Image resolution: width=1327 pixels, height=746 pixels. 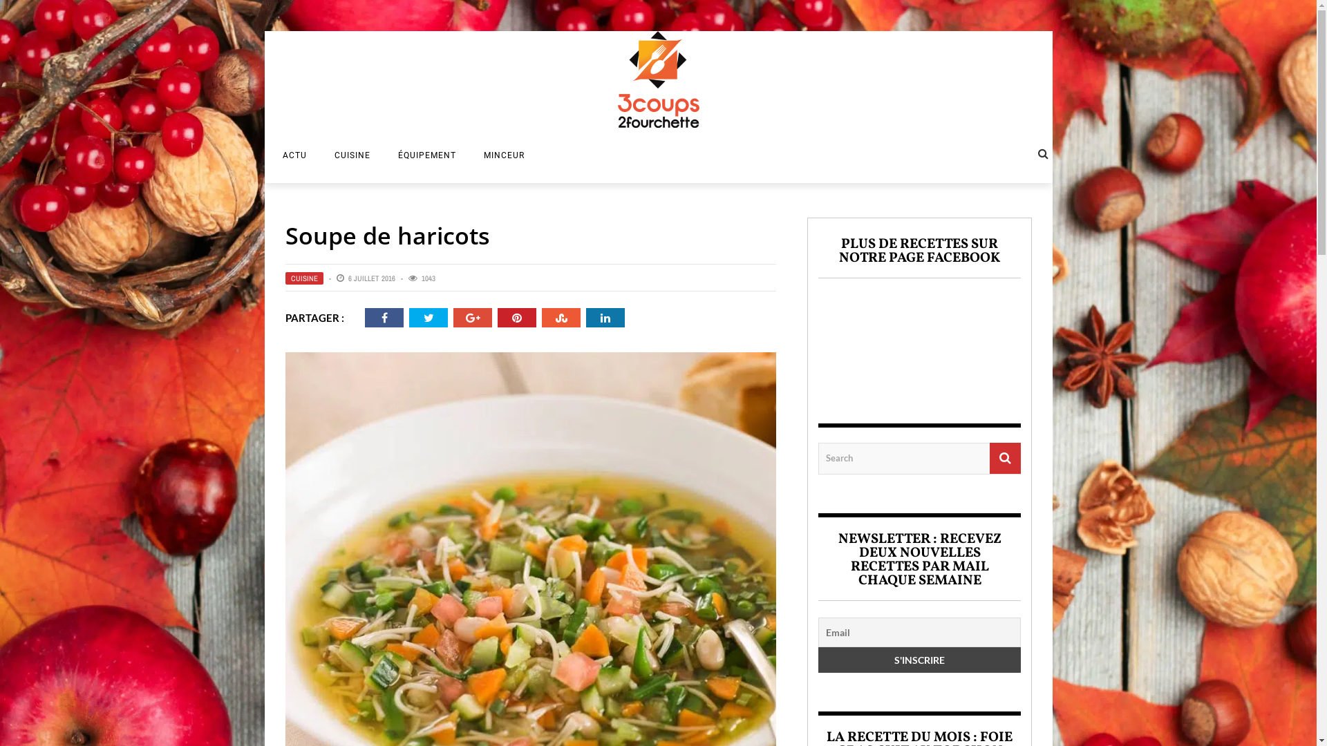 What do you see at coordinates (516, 317) in the screenshot?
I see `'Pinterest'` at bounding box center [516, 317].